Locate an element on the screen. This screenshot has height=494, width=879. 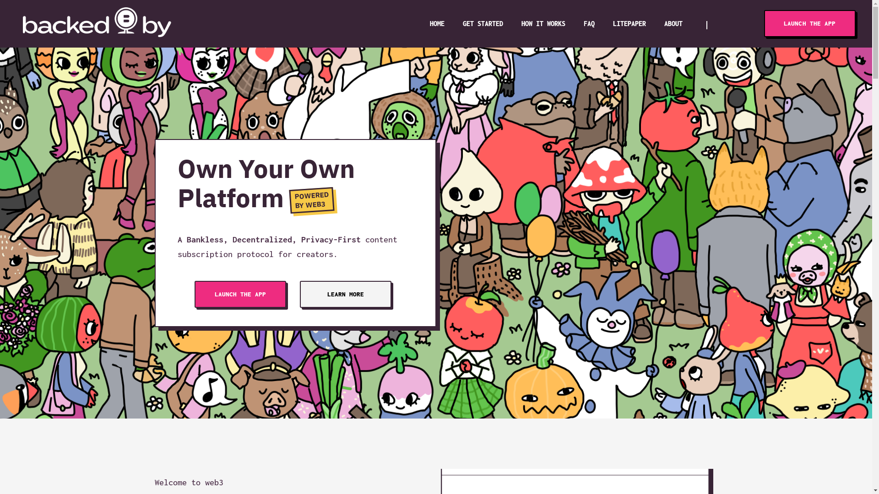
'ABOUT' is located at coordinates (673, 23).